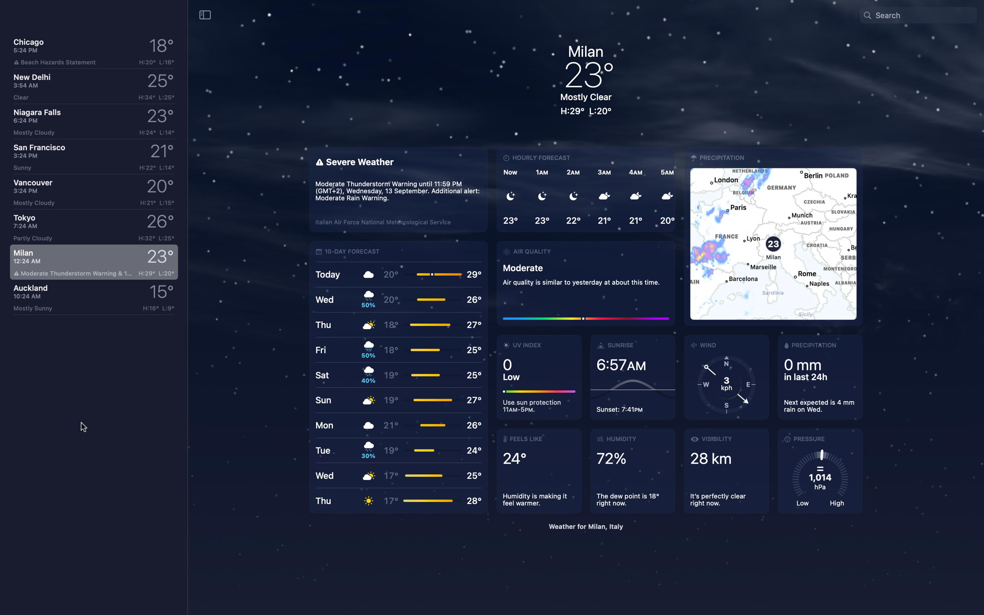 The height and width of the screenshot is (615, 984). Describe the element at coordinates (817, 378) in the screenshot. I see `Verify rainfall data` at that location.